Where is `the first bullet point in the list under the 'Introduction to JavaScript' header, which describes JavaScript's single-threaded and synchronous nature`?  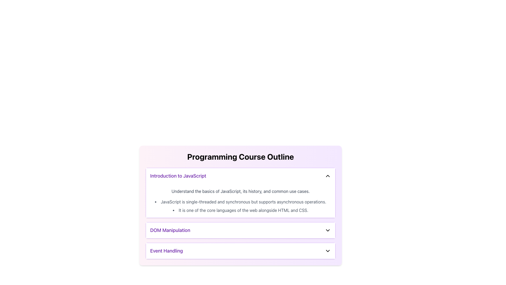 the first bullet point in the list under the 'Introduction to JavaScript' header, which describes JavaScript's single-threaded and synchronous nature is located at coordinates (240, 202).